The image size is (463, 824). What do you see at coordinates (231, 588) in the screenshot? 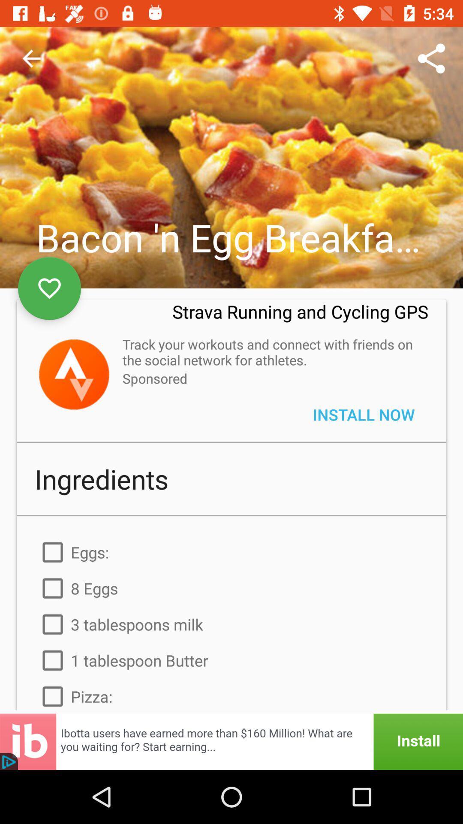
I see `icon above the 3 tablespoons milk icon` at bounding box center [231, 588].